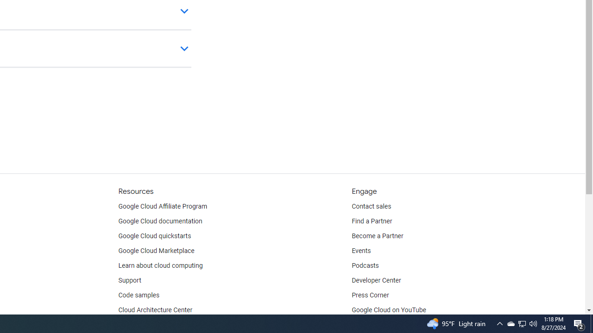 The height and width of the screenshot is (333, 593). What do you see at coordinates (156, 251) in the screenshot?
I see `'Google Cloud Marketplace'` at bounding box center [156, 251].